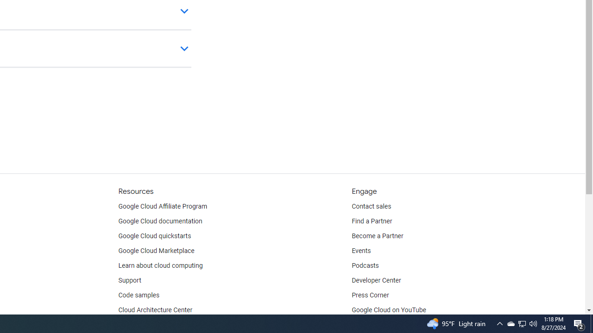 The height and width of the screenshot is (333, 593). What do you see at coordinates (156, 251) in the screenshot?
I see `'Google Cloud Marketplace'` at bounding box center [156, 251].